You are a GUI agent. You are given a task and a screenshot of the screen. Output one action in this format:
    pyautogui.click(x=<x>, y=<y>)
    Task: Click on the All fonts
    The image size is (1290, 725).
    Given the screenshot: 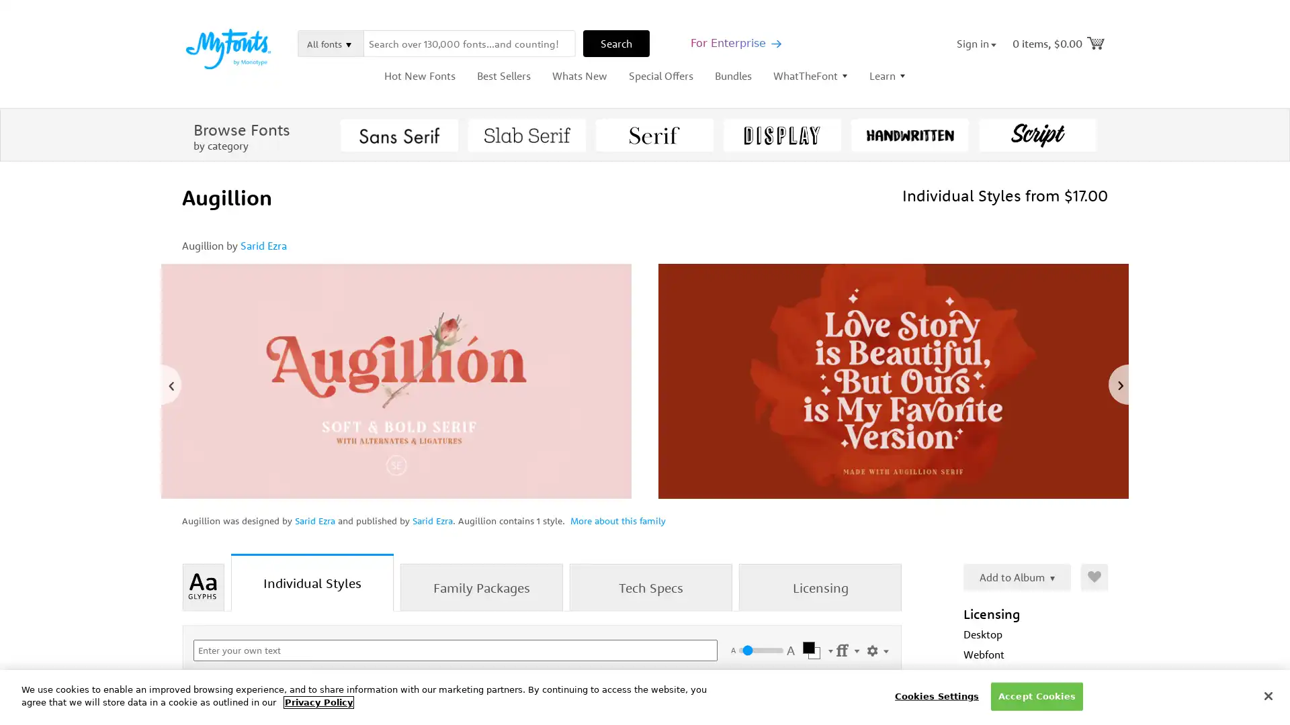 What is the action you would take?
    pyautogui.click(x=331, y=43)
    